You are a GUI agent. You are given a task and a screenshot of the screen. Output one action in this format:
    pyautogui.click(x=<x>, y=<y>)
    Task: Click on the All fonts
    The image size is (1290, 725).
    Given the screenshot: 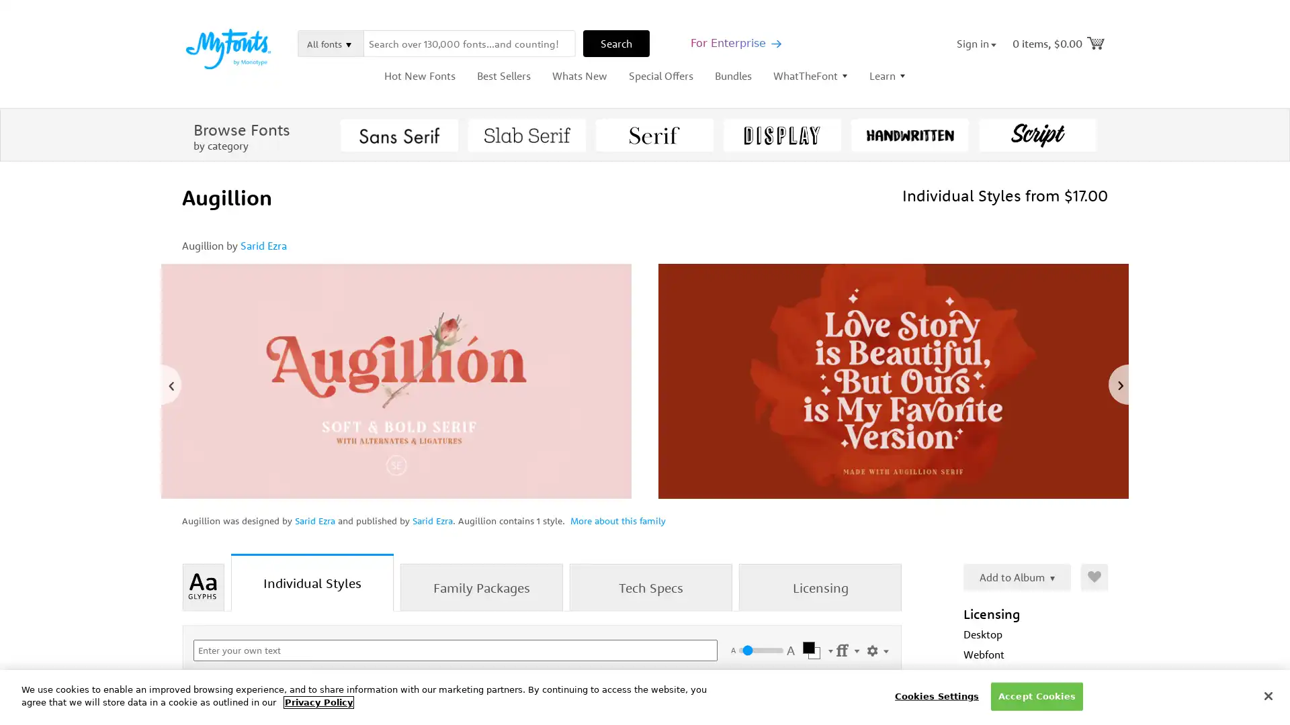 What is the action you would take?
    pyautogui.click(x=331, y=43)
    